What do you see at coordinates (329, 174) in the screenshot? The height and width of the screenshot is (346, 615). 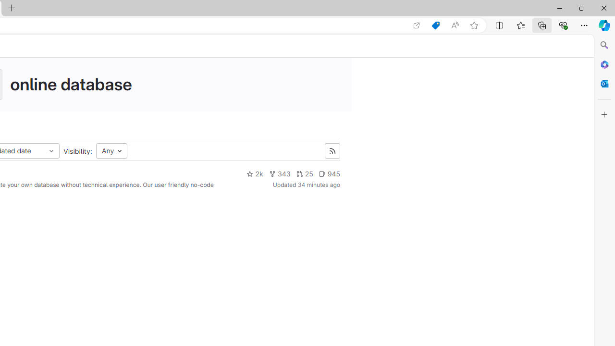 I see `'945'` at bounding box center [329, 174].